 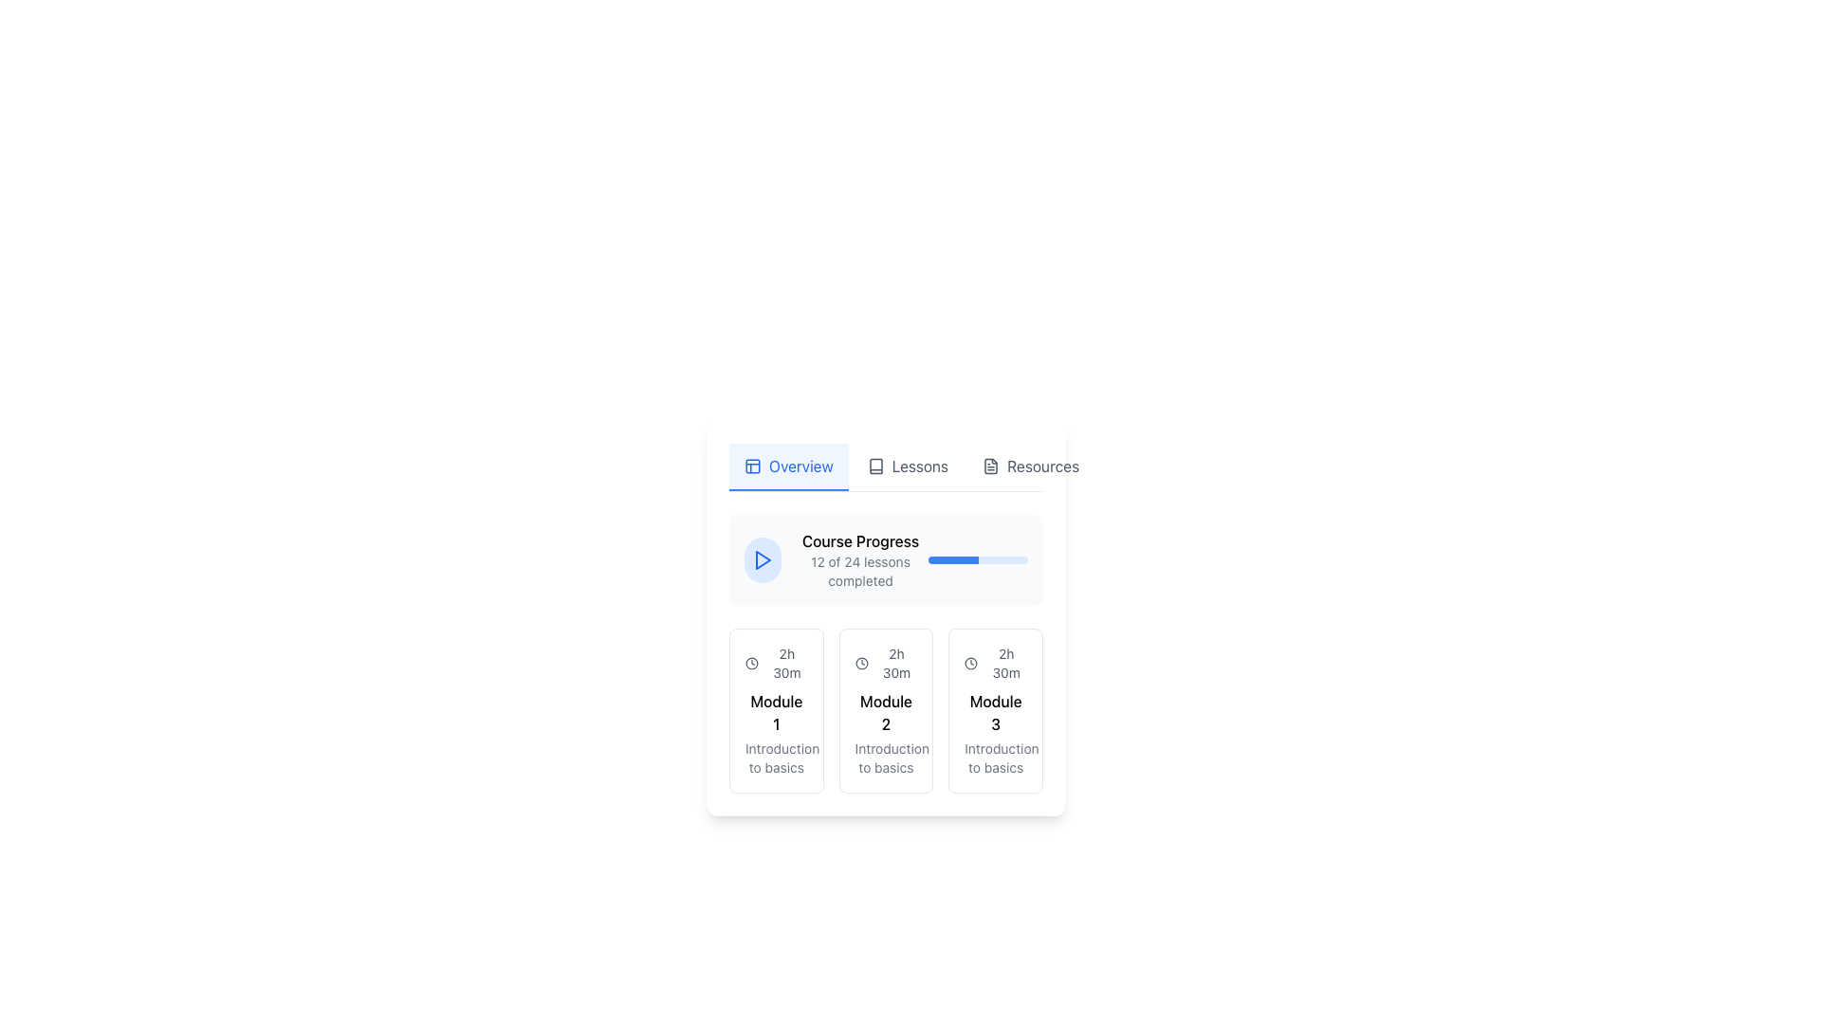 What do you see at coordinates (859, 558) in the screenshot?
I see `progress summary indicator text displaying the completed and total lessons count, located in the upper part of the educational module dashboard, aligned right to the circular play icon` at bounding box center [859, 558].